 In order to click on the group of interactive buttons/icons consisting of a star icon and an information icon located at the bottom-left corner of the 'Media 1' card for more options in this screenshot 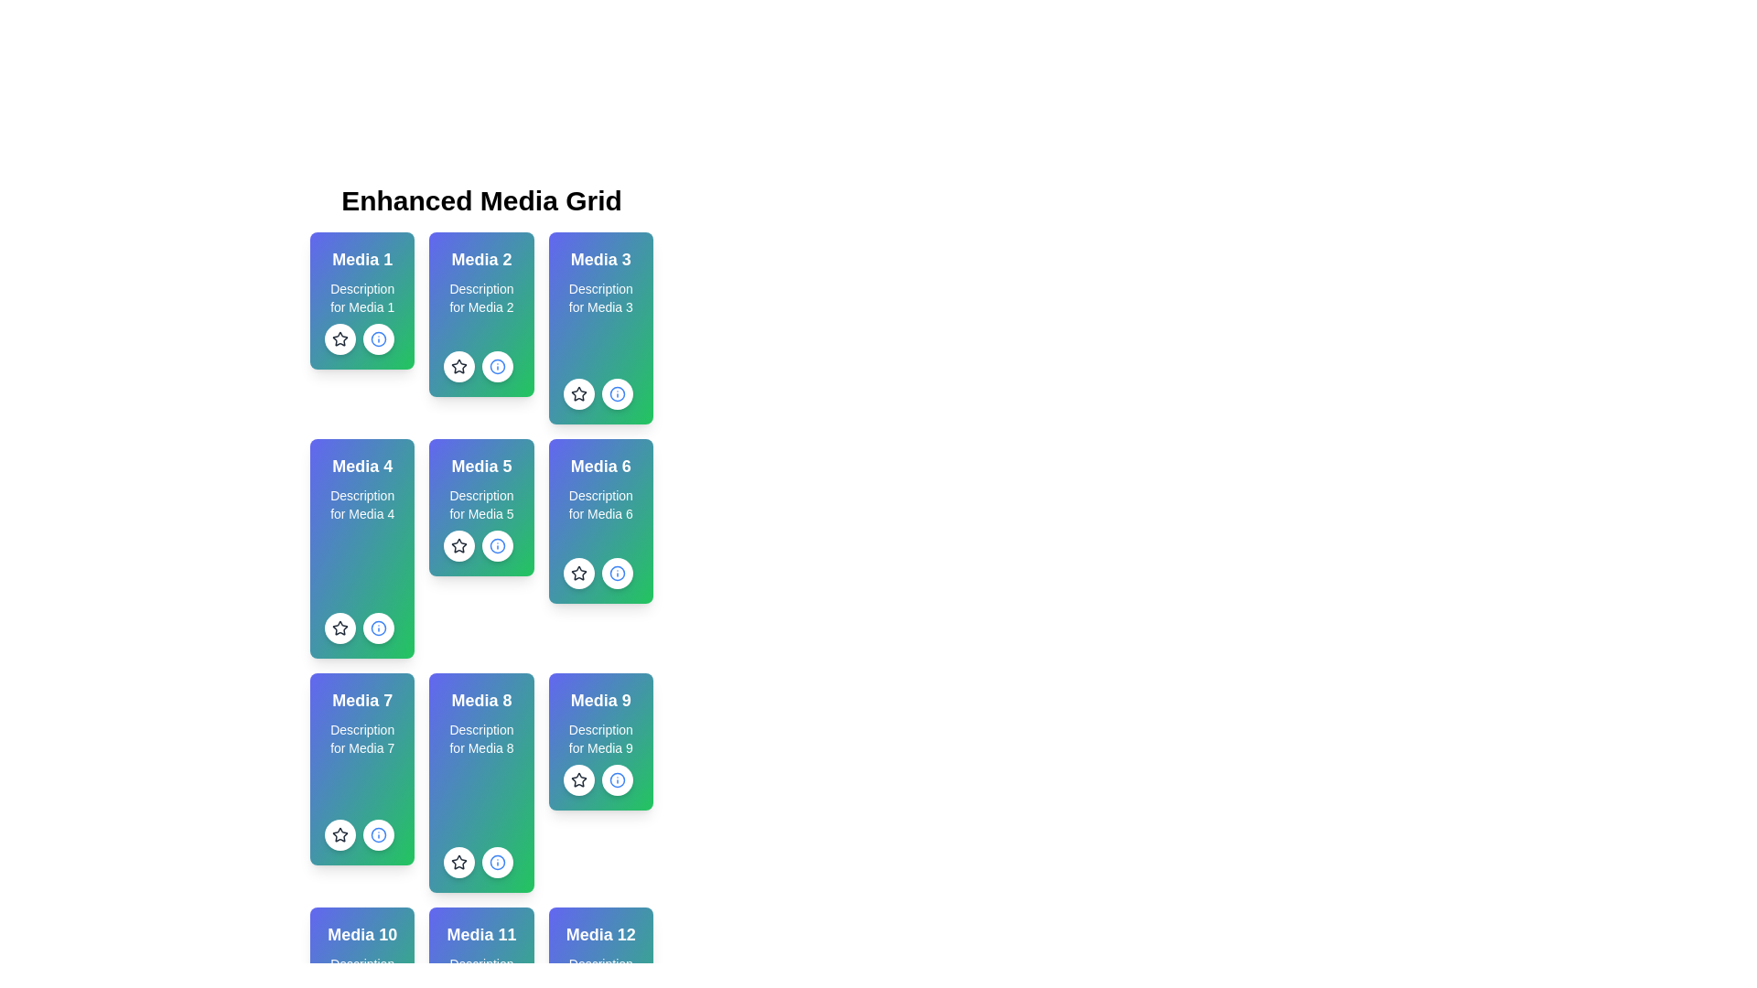, I will do `click(360, 338)`.